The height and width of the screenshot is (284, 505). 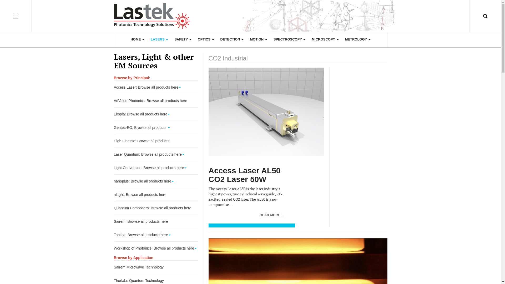 What do you see at coordinates (155, 154) in the screenshot?
I see `'Laser Quantum: Browse all products here'` at bounding box center [155, 154].